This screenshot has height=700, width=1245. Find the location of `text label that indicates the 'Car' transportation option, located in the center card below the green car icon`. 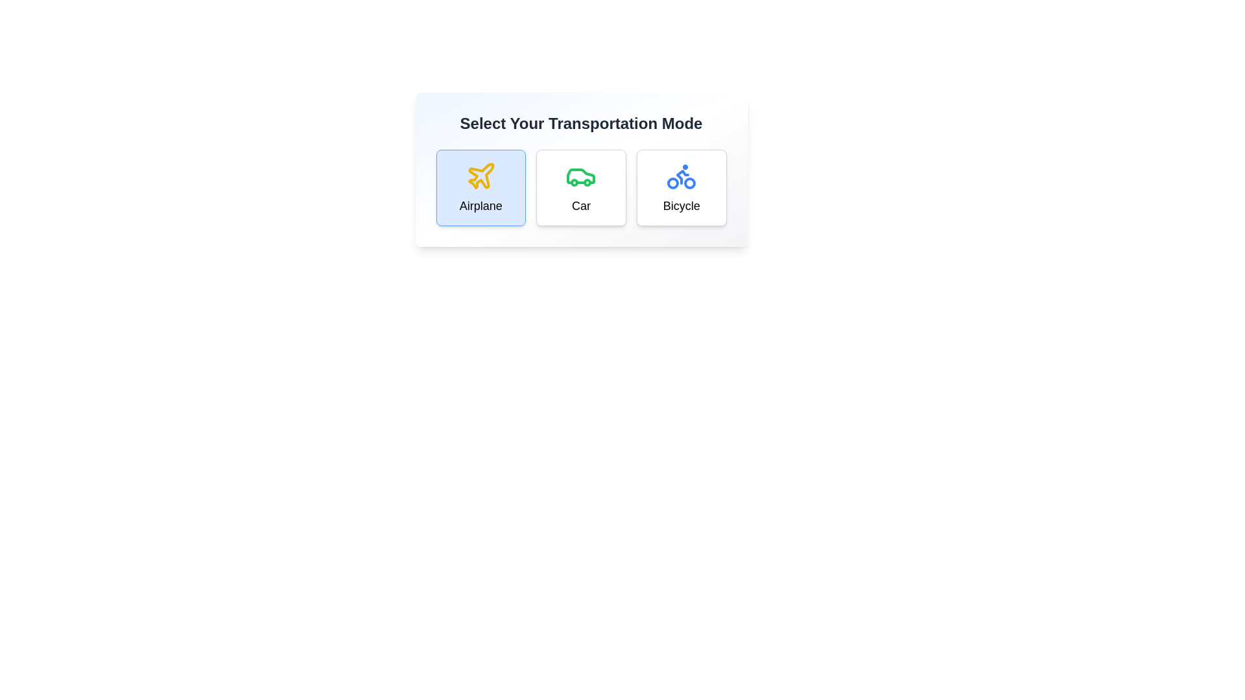

text label that indicates the 'Car' transportation option, located in the center card below the green car icon is located at coordinates (580, 205).